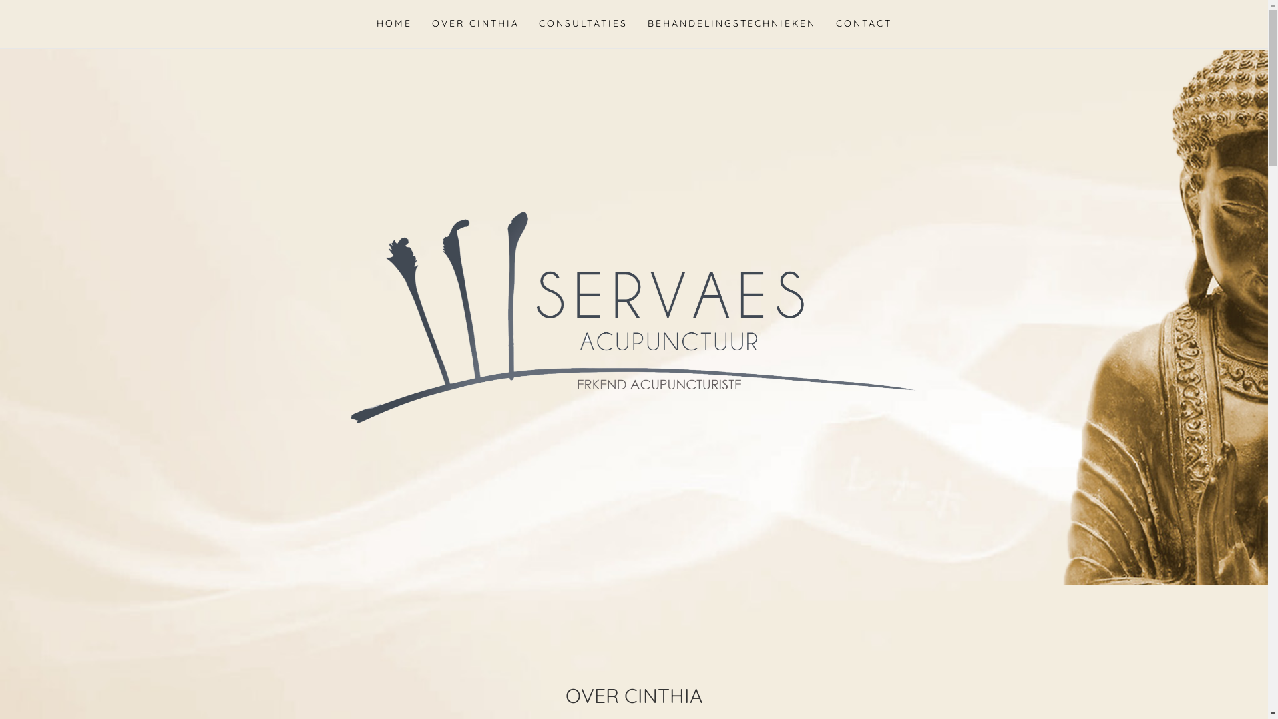 The image size is (1278, 719). What do you see at coordinates (527, 23) in the screenshot?
I see `'CONSULTATIES'` at bounding box center [527, 23].